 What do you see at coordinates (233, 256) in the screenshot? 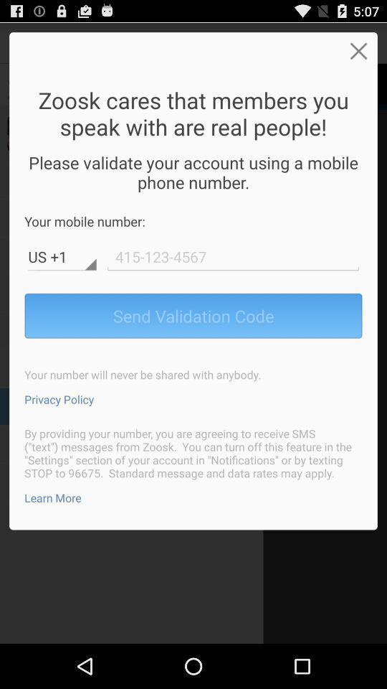
I see `mobile number` at bounding box center [233, 256].